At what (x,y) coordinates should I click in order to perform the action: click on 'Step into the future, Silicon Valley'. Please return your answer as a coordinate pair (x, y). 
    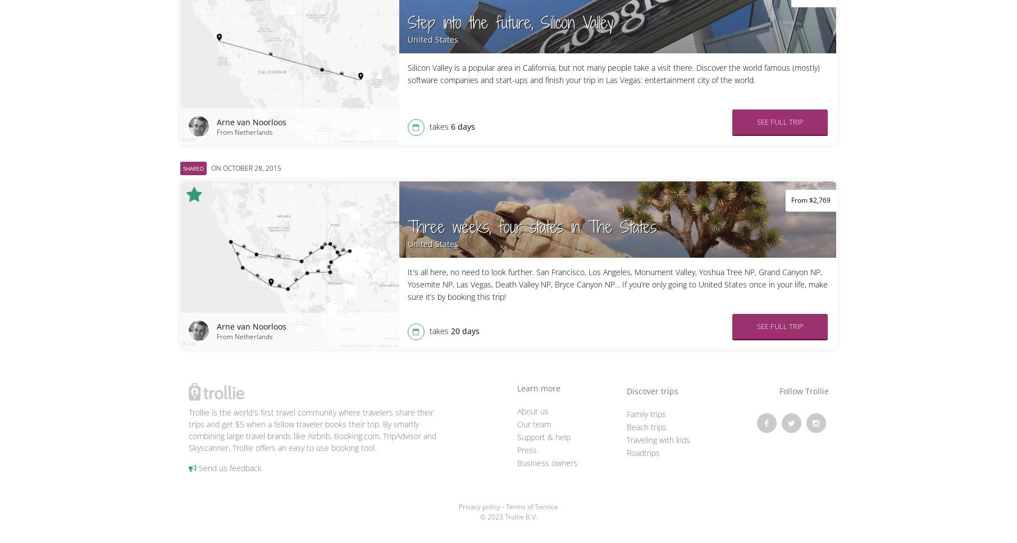
    Looking at the image, I should click on (509, 22).